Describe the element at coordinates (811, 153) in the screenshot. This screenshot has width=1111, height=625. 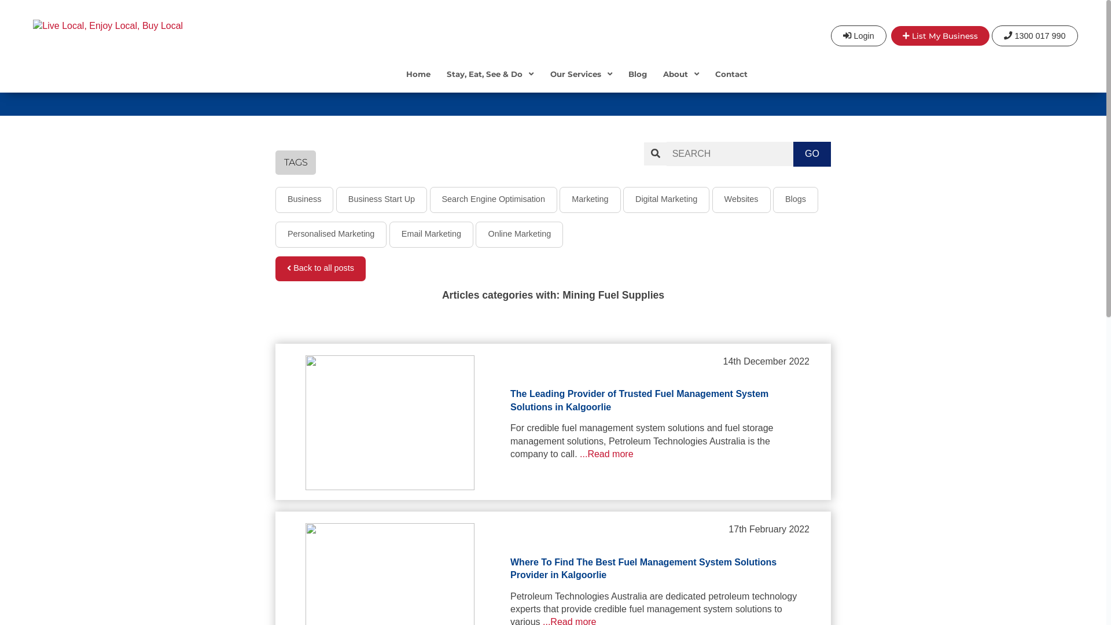
I see `'GO'` at that location.